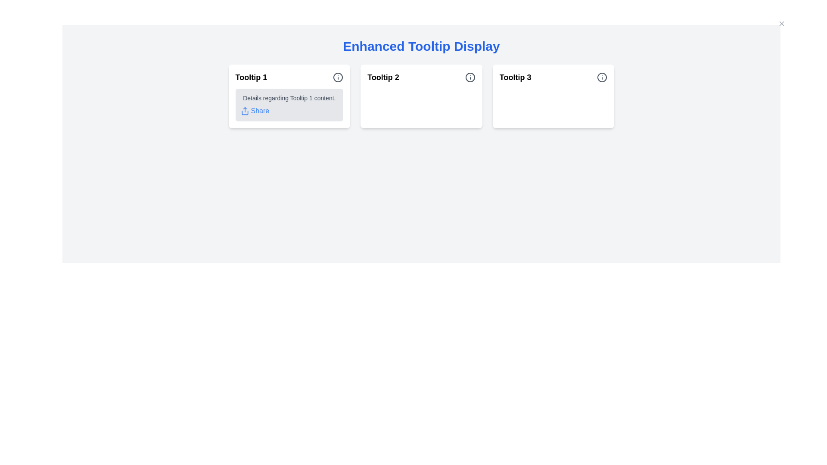 The height and width of the screenshot is (465, 827). I want to click on the label or heading text that serves as a title for the third card, located in the top-left area of the card, so click(515, 77).